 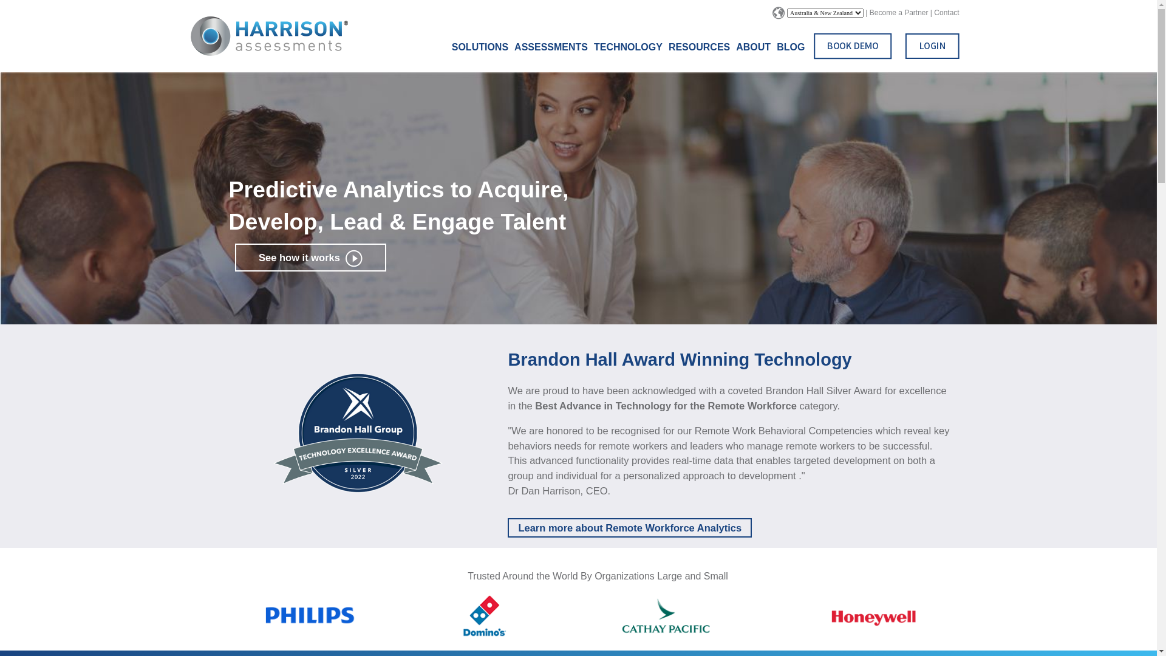 What do you see at coordinates (790, 46) in the screenshot?
I see `'BLOG'` at bounding box center [790, 46].